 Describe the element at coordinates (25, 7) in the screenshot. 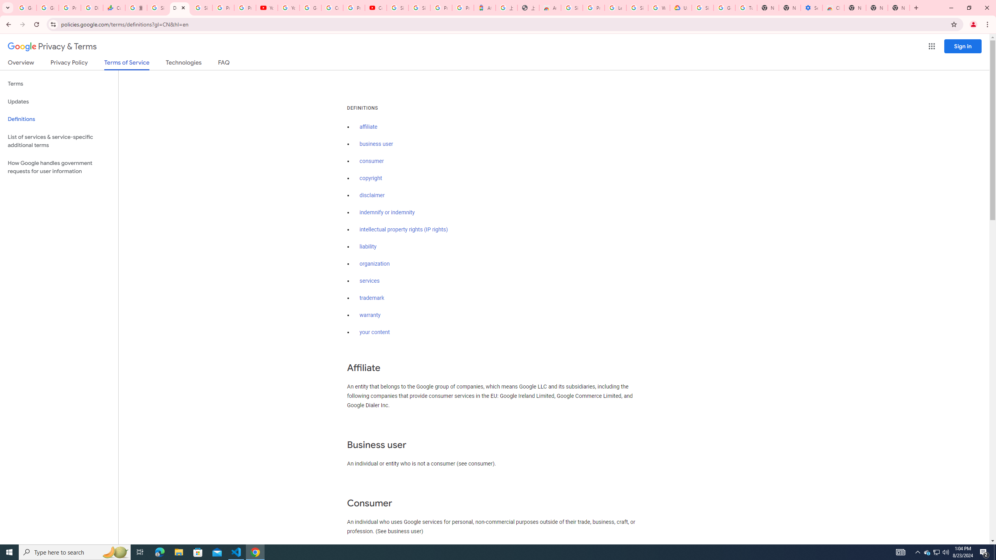

I see `'Google Workspace Admin Community'` at that location.